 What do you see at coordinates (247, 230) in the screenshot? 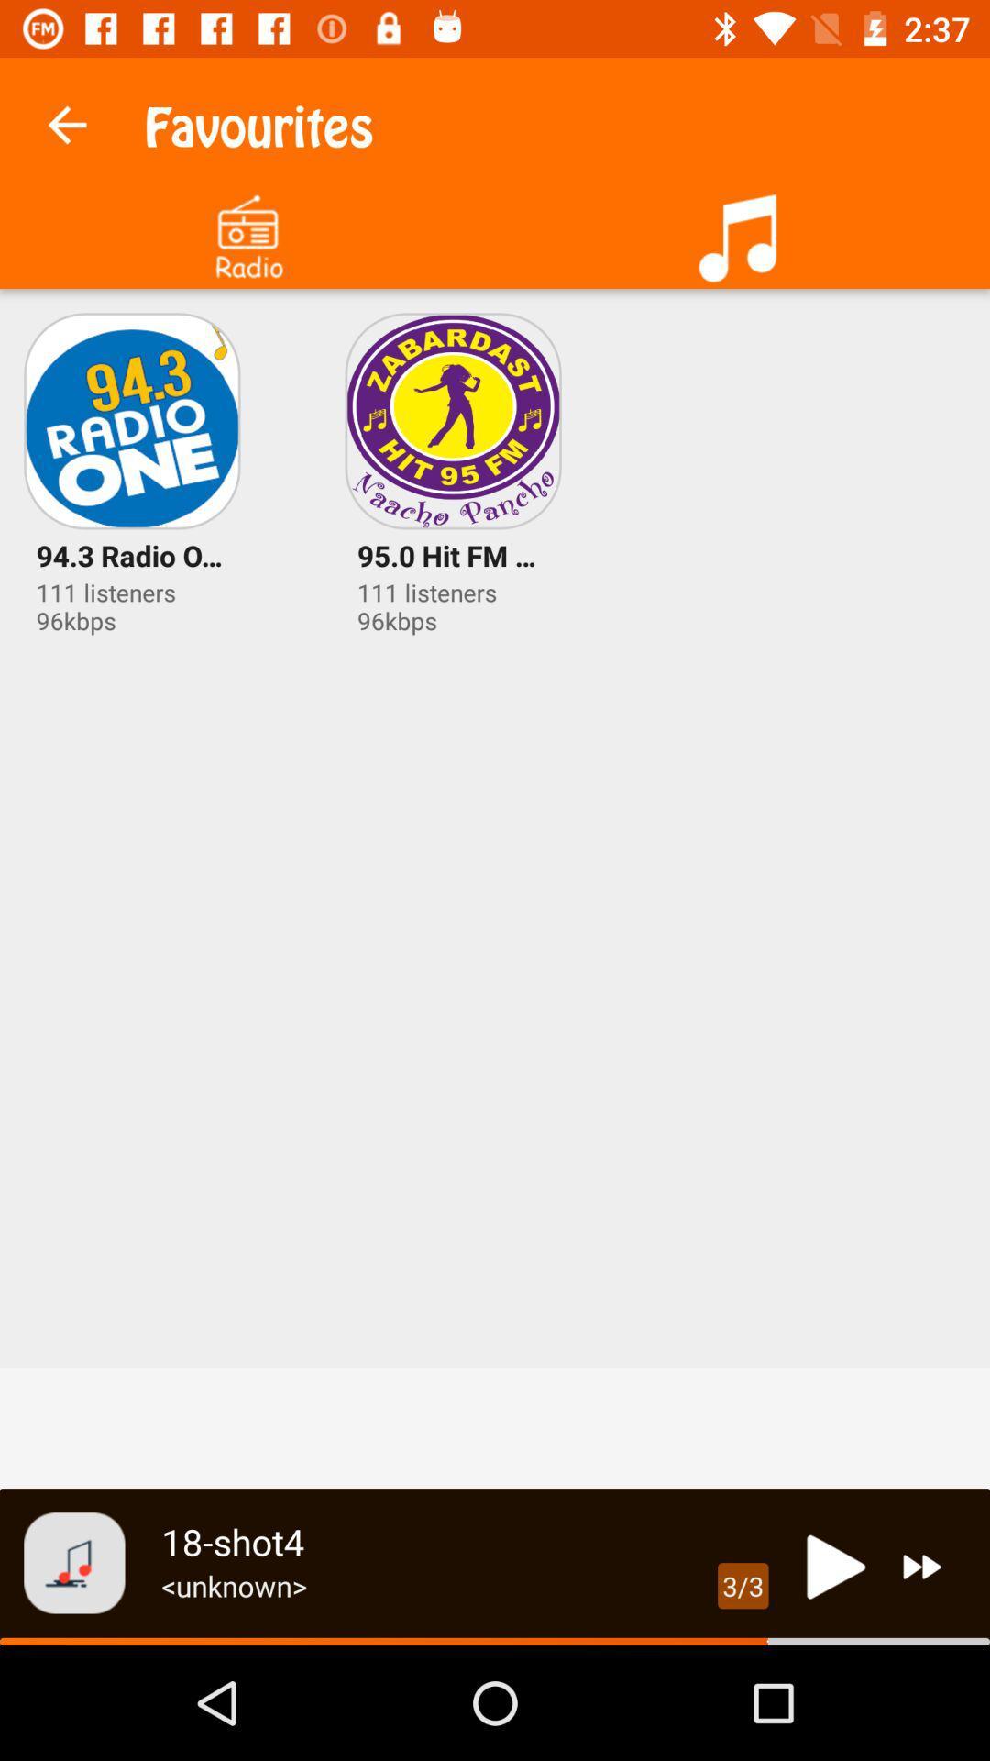
I see `press to select radio options` at bounding box center [247, 230].